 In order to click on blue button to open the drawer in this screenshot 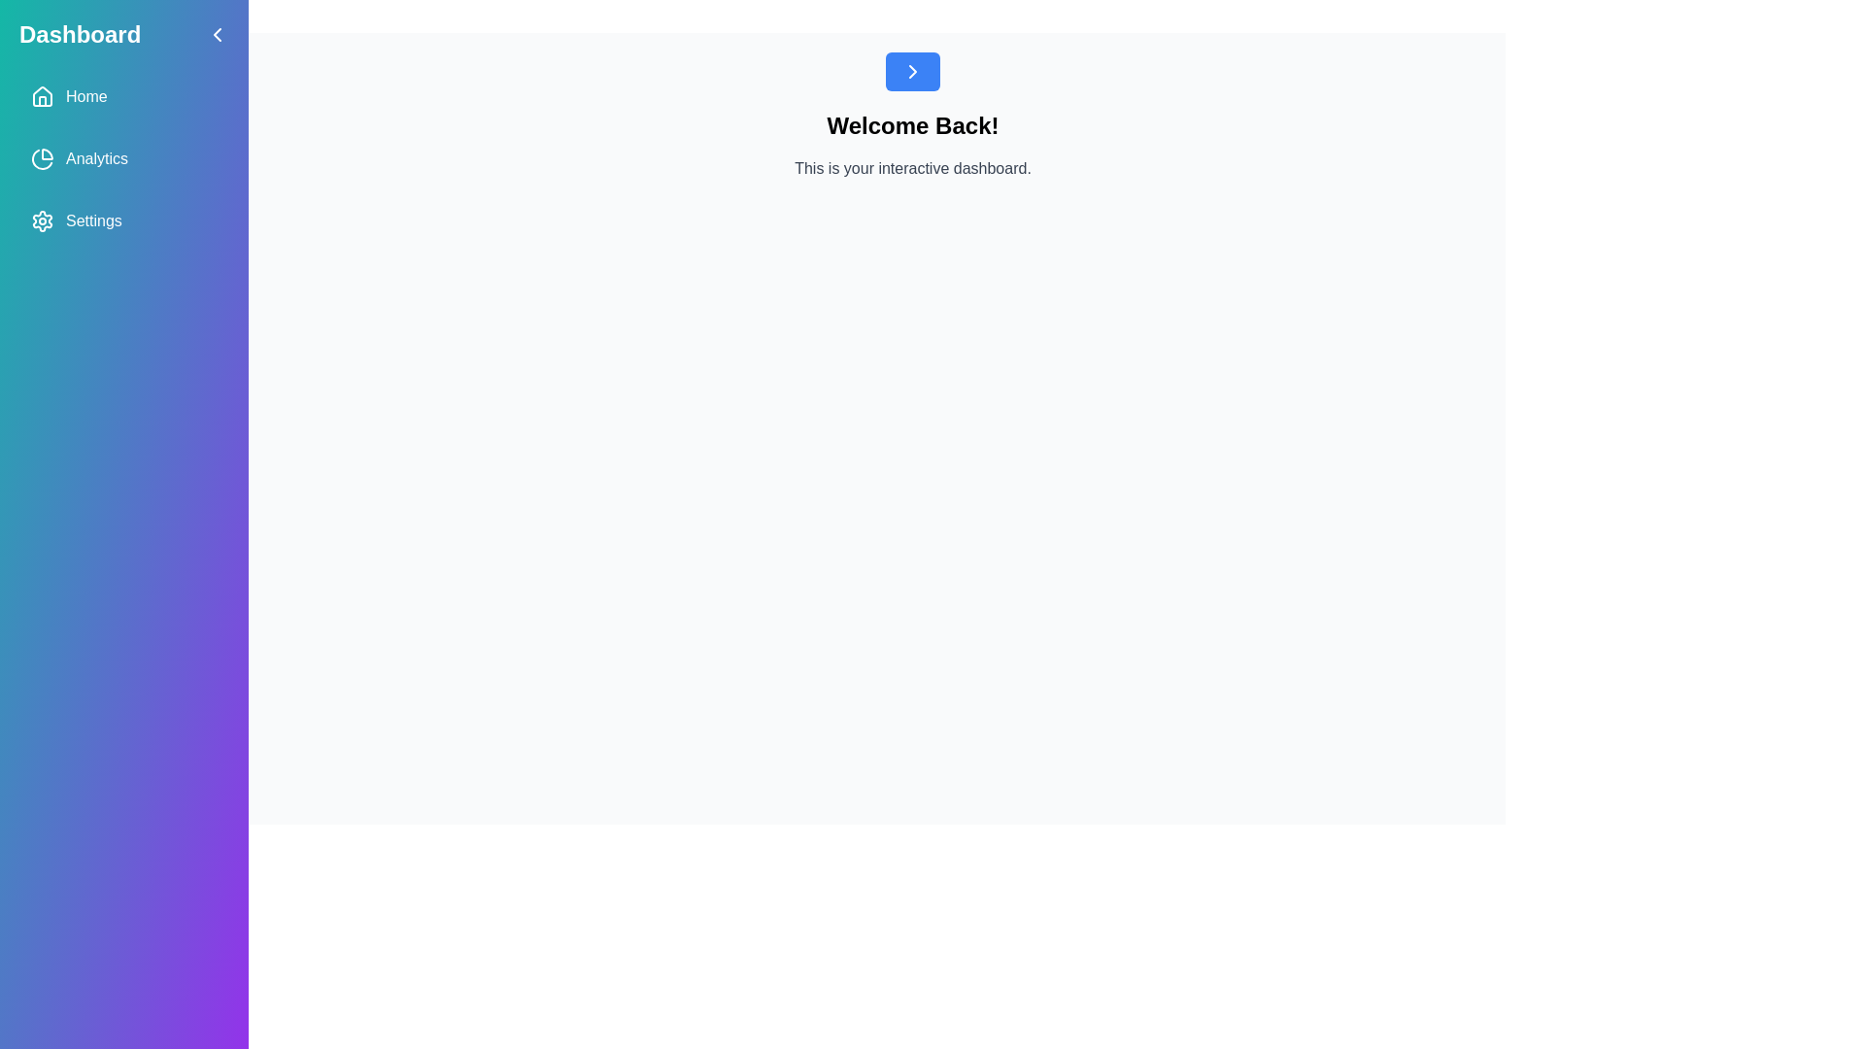, I will do `click(912, 70)`.